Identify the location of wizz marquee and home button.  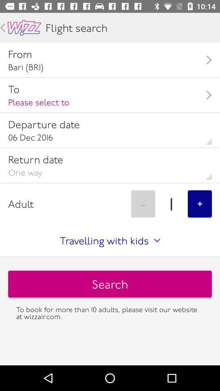
(24, 28).